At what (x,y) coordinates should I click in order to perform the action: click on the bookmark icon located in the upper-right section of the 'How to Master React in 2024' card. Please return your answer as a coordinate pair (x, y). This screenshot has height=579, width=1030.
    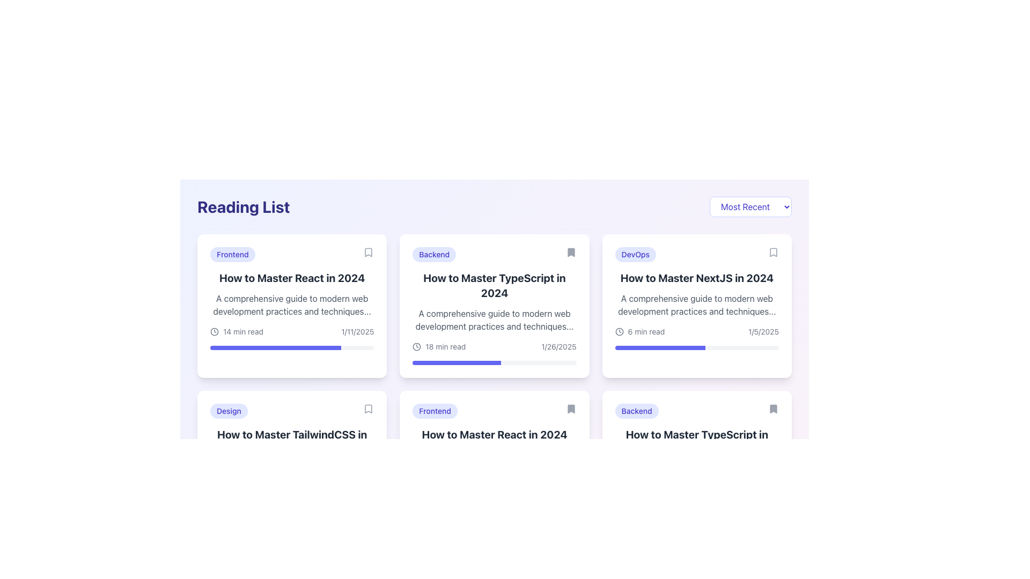
    Looking at the image, I should click on (570, 409).